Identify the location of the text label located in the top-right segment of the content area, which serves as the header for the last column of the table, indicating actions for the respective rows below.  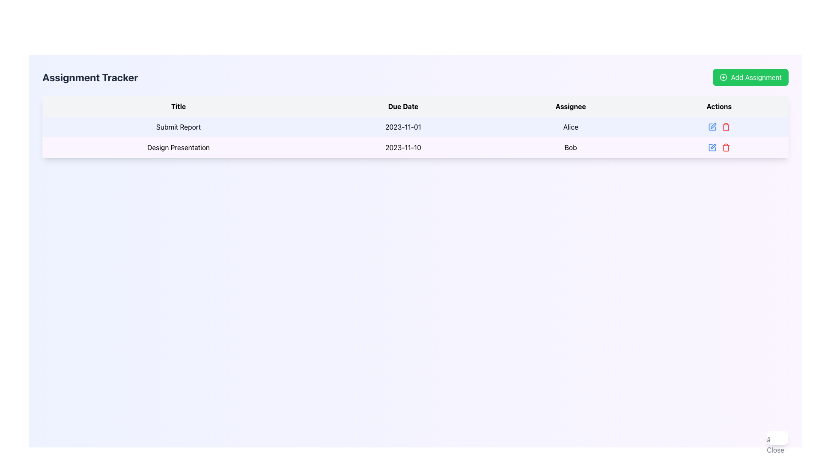
(719, 106).